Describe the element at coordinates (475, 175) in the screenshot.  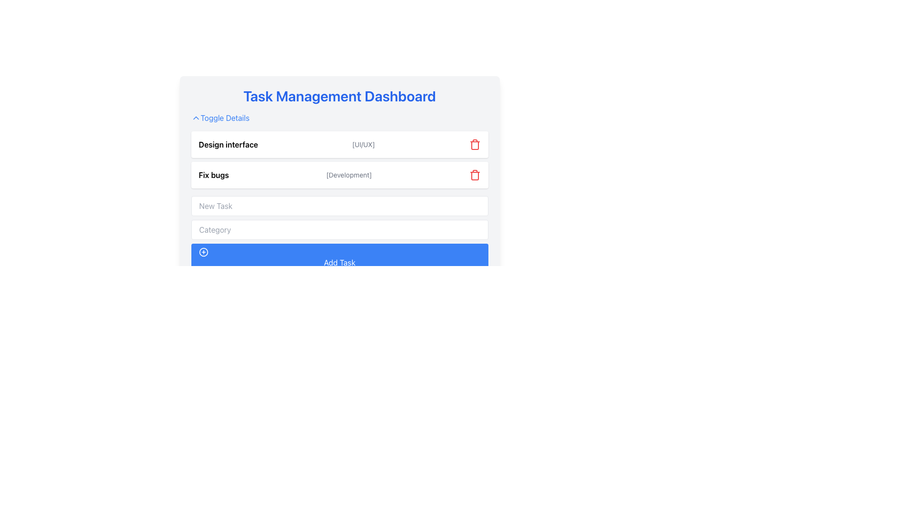
I see `the red trash can icon button located at the far-right end of the task item titled 'Fix bugs'` at that location.